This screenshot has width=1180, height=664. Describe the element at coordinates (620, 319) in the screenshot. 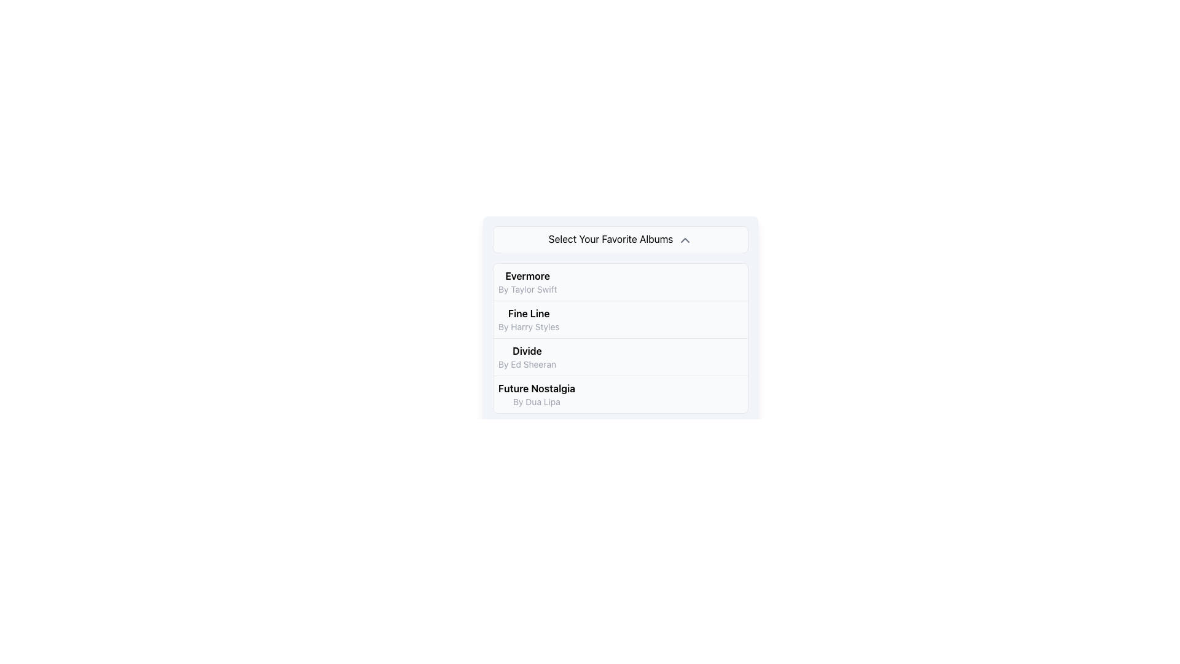

I see `the list item titled 'Fine Line' by 'Harry Styles', which is the second item in the list under 'Select Your Favorite Albums'` at that location.